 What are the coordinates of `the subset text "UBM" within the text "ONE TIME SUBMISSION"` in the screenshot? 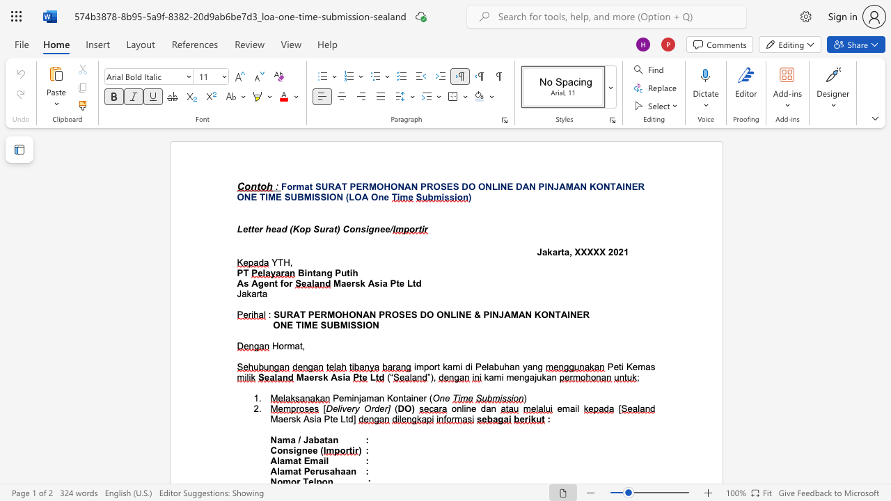 It's located at (326, 325).